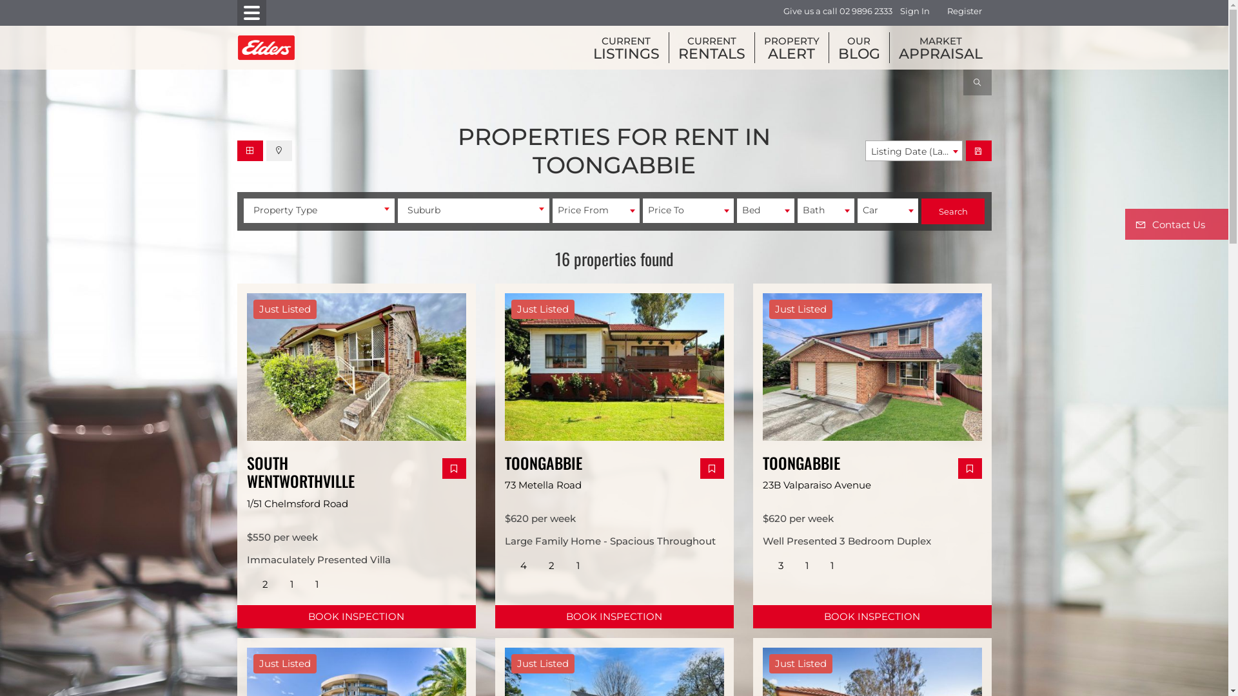 This screenshot has height=696, width=1238. Describe the element at coordinates (265, 150) in the screenshot. I see `'Map View'` at that location.